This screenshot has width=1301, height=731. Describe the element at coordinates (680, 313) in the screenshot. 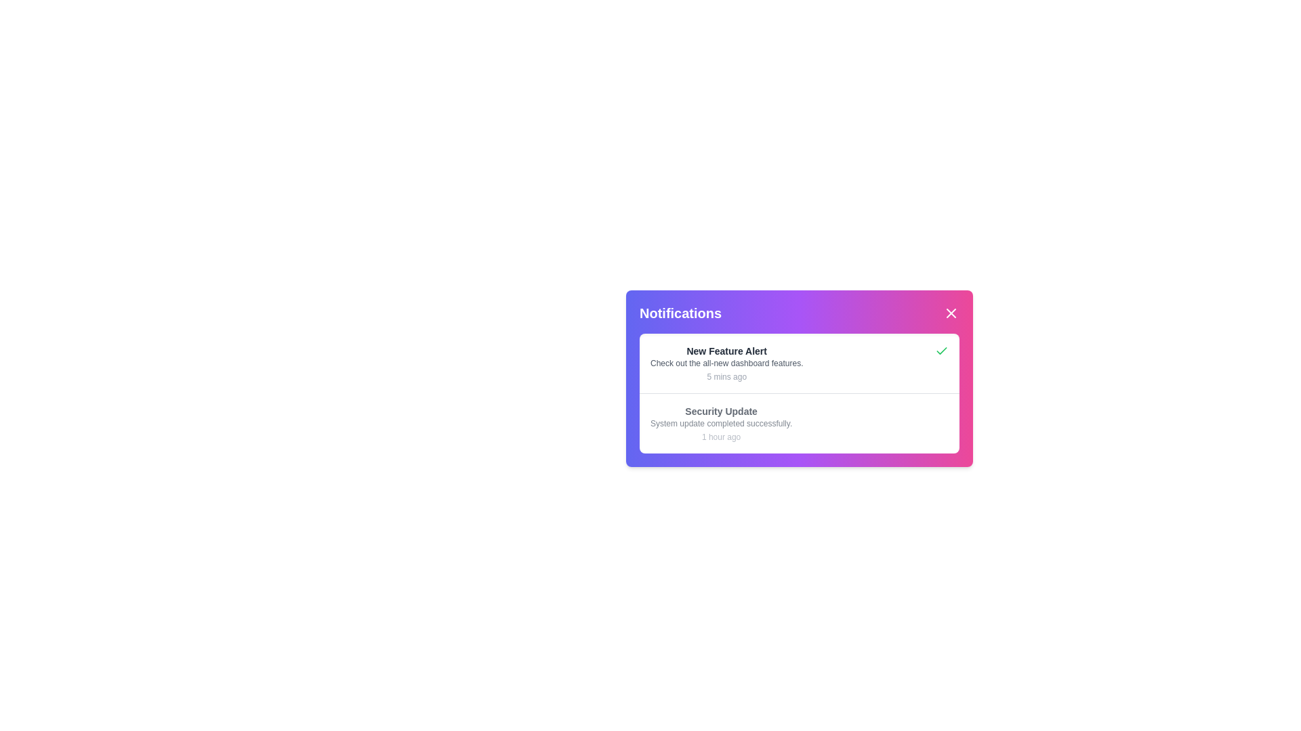

I see `the Text Label that serves as a header for the notification interface, located on the left side of the horizontal header bar` at that location.